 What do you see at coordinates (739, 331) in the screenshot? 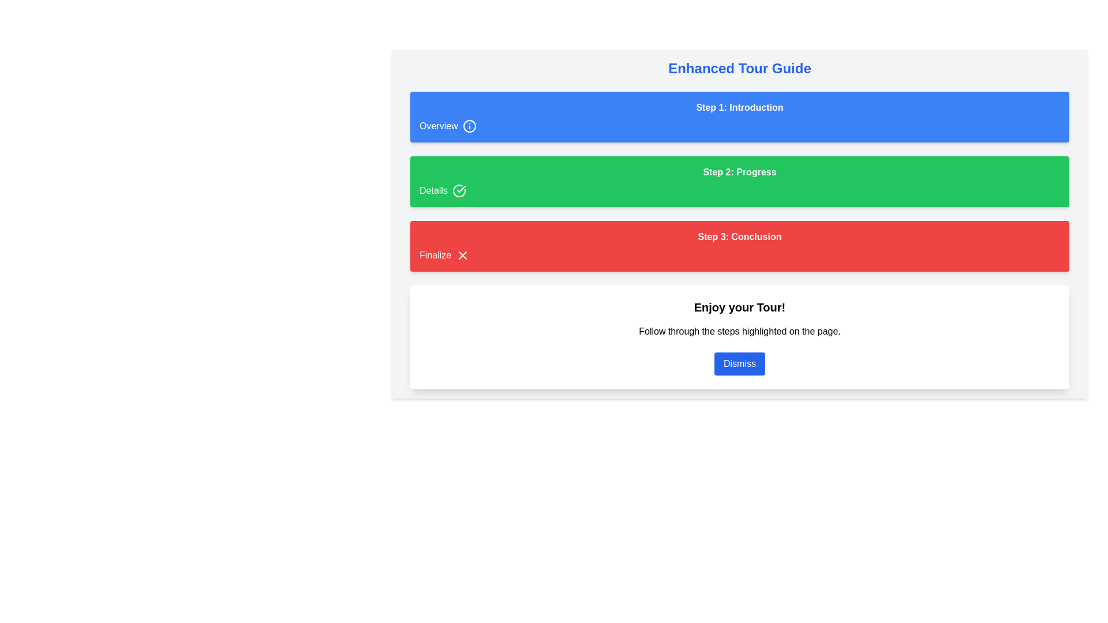
I see `the static text displaying 'Follow through the steps highlighted on the page.' which is located between the title 'Enjoy your Tour!' and the button labeled 'Dismiss'` at bounding box center [739, 331].